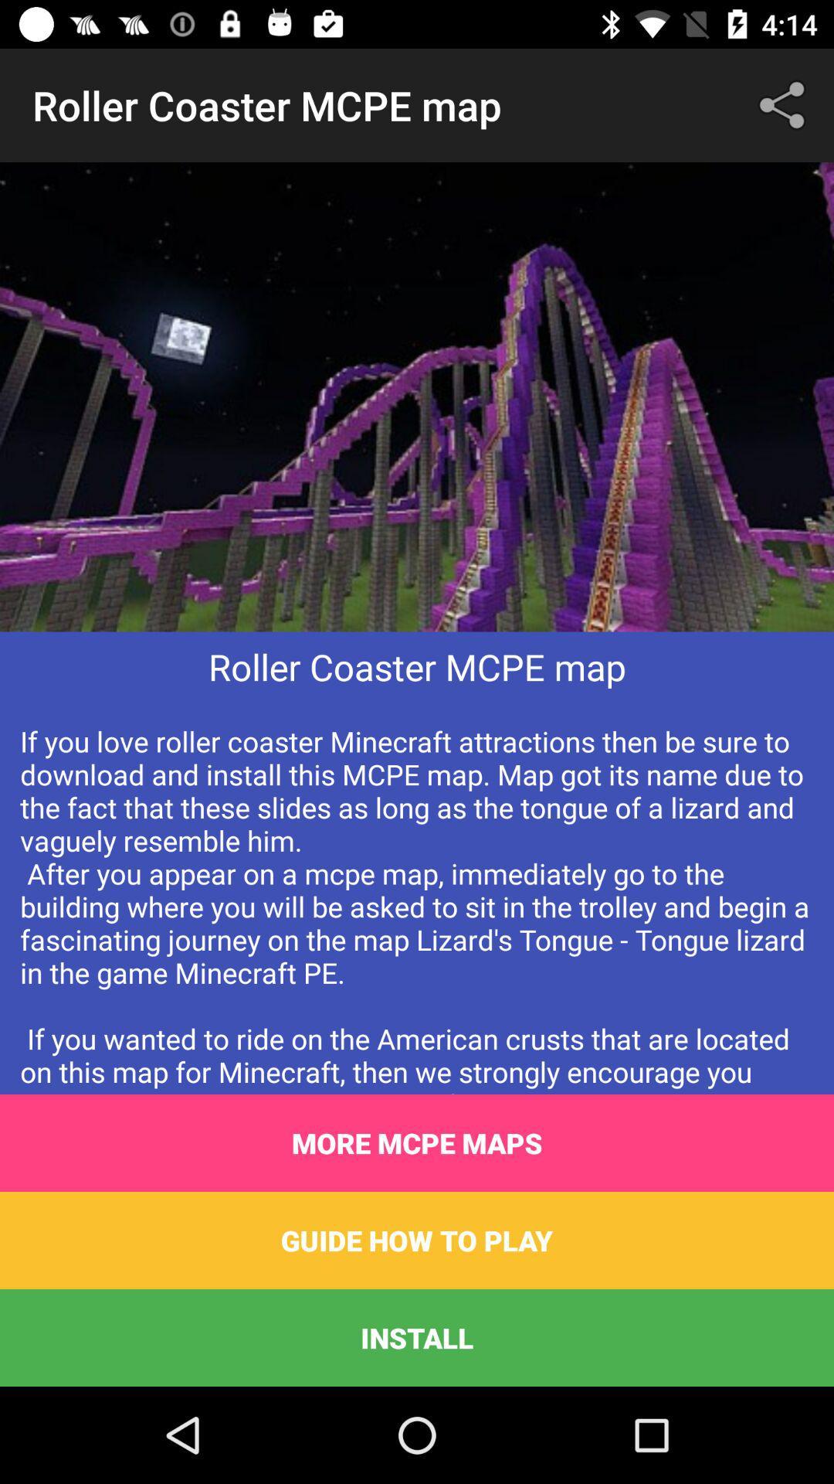  What do you see at coordinates (417, 1240) in the screenshot?
I see `item below the more mcpe maps item` at bounding box center [417, 1240].